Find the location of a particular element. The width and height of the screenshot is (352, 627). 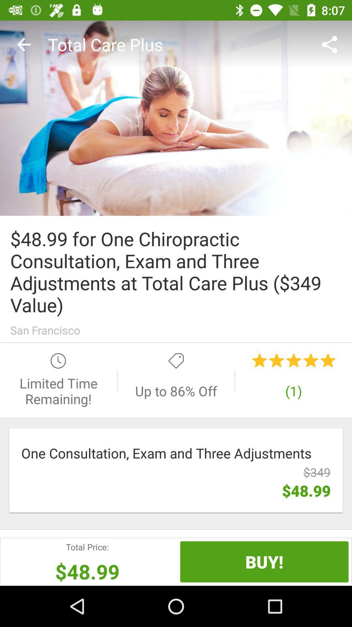

the icon above 48 99 for icon is located at coordinates (331, 44).